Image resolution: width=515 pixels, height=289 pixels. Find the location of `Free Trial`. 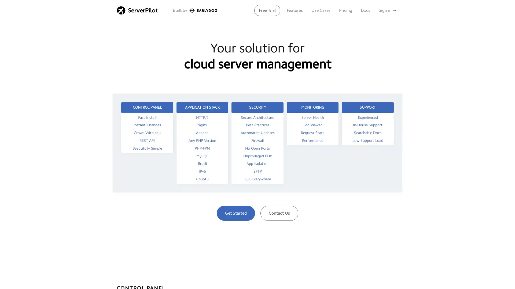

Free Trial is located at coordinates (267, 10).